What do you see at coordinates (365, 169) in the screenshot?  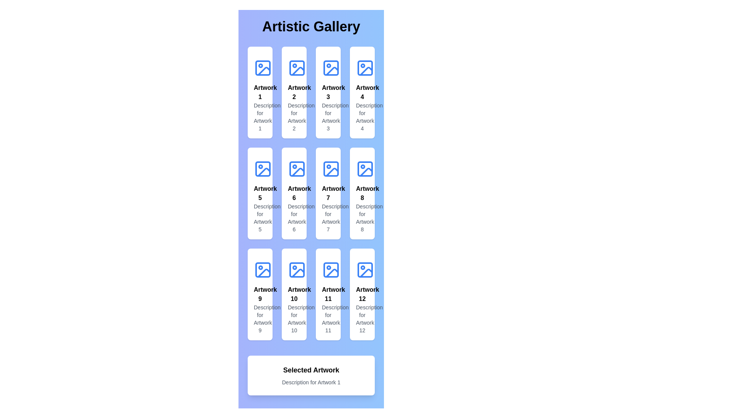 I see `the icon representing 'Artwork 8' located at the top center of the card` at bounding box center [365, 169].